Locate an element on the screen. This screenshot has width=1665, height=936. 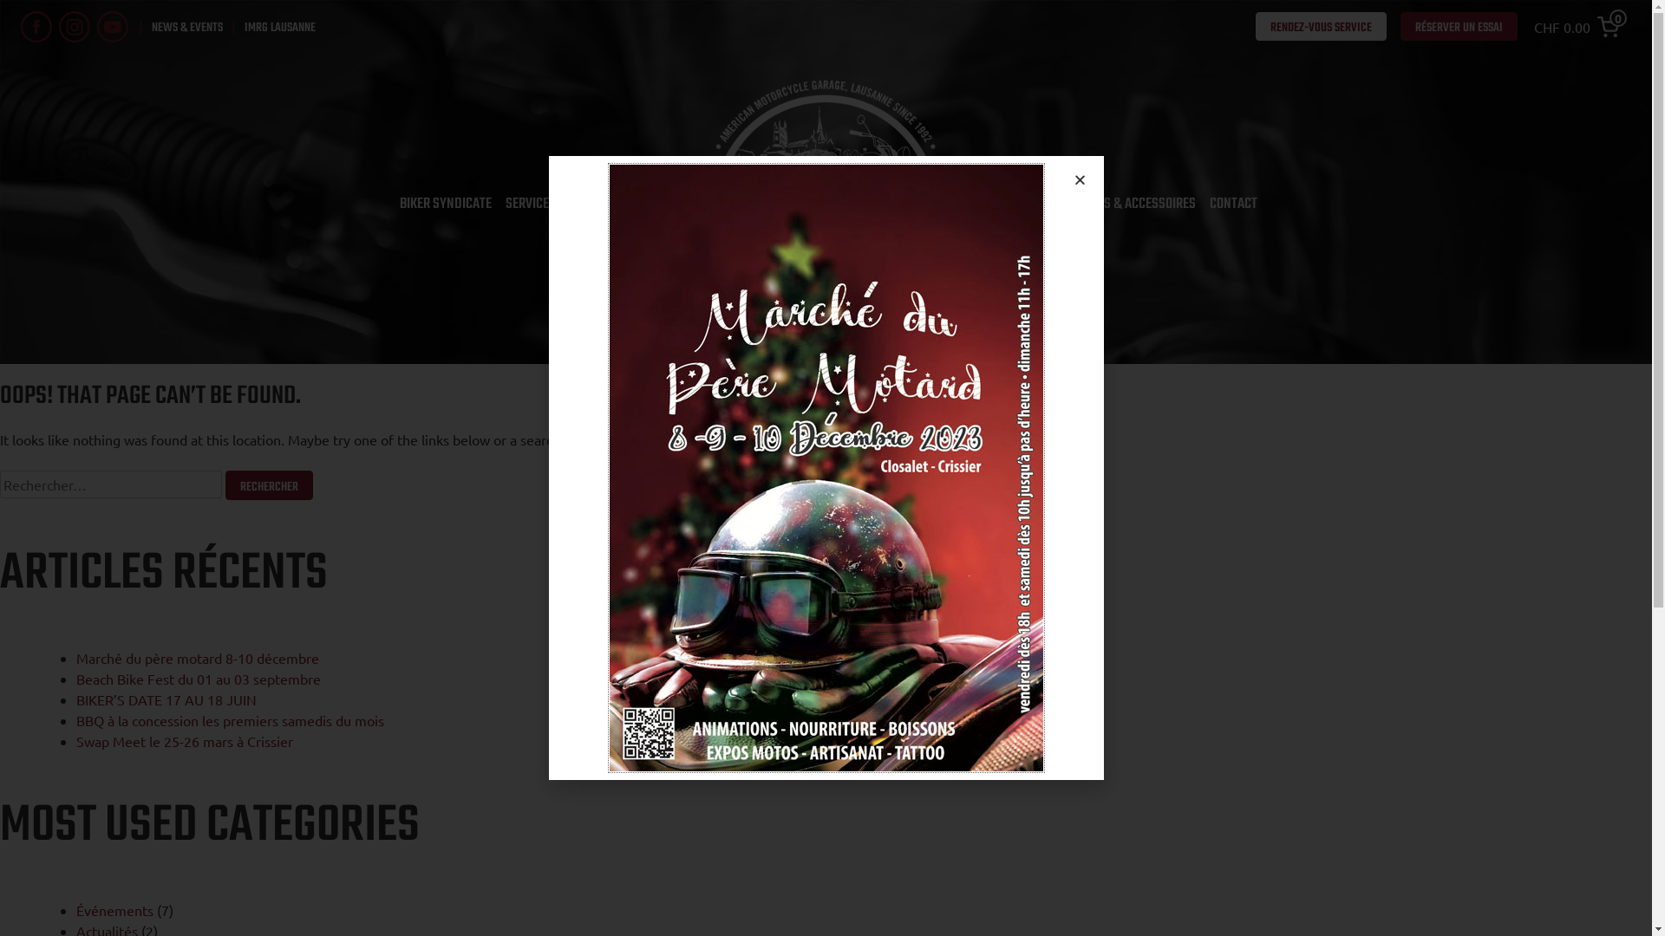
'CHF 0.00 is located at coordinates (1580, 26).